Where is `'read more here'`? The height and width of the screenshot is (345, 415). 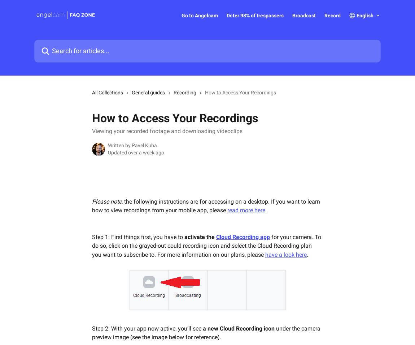 'read more here' is located at coordinates (227, 210).